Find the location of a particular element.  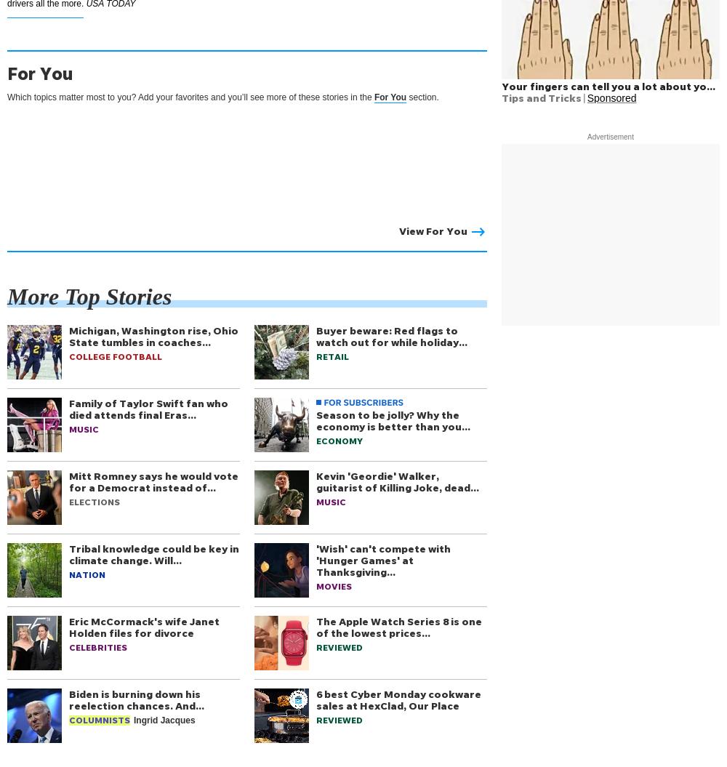

''Wish' can't compete with 'Hunger Games' at Thanksgiving…' is located at coordinates (316, 559).